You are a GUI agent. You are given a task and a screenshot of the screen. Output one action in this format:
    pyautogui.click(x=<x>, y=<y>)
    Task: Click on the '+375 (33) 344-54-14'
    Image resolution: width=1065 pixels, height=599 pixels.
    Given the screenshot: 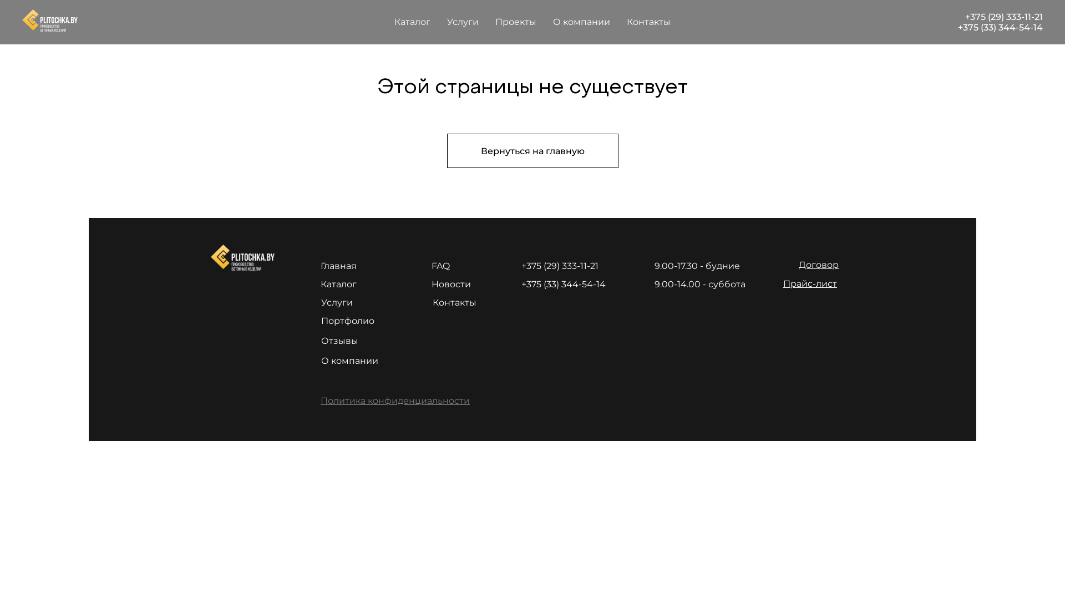 What is the action you would take?
    pyautogui.click(x=564, y=283)
    